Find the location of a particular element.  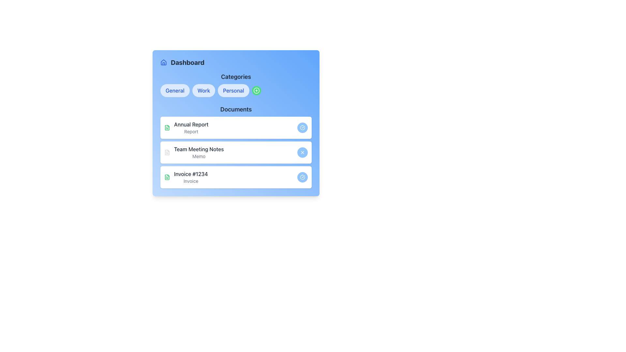

the text label displaying 'Invoice #1234' in bold dark gray within the bottommost document entry box of the 'Documents' section is located at coordinates (190, 173).